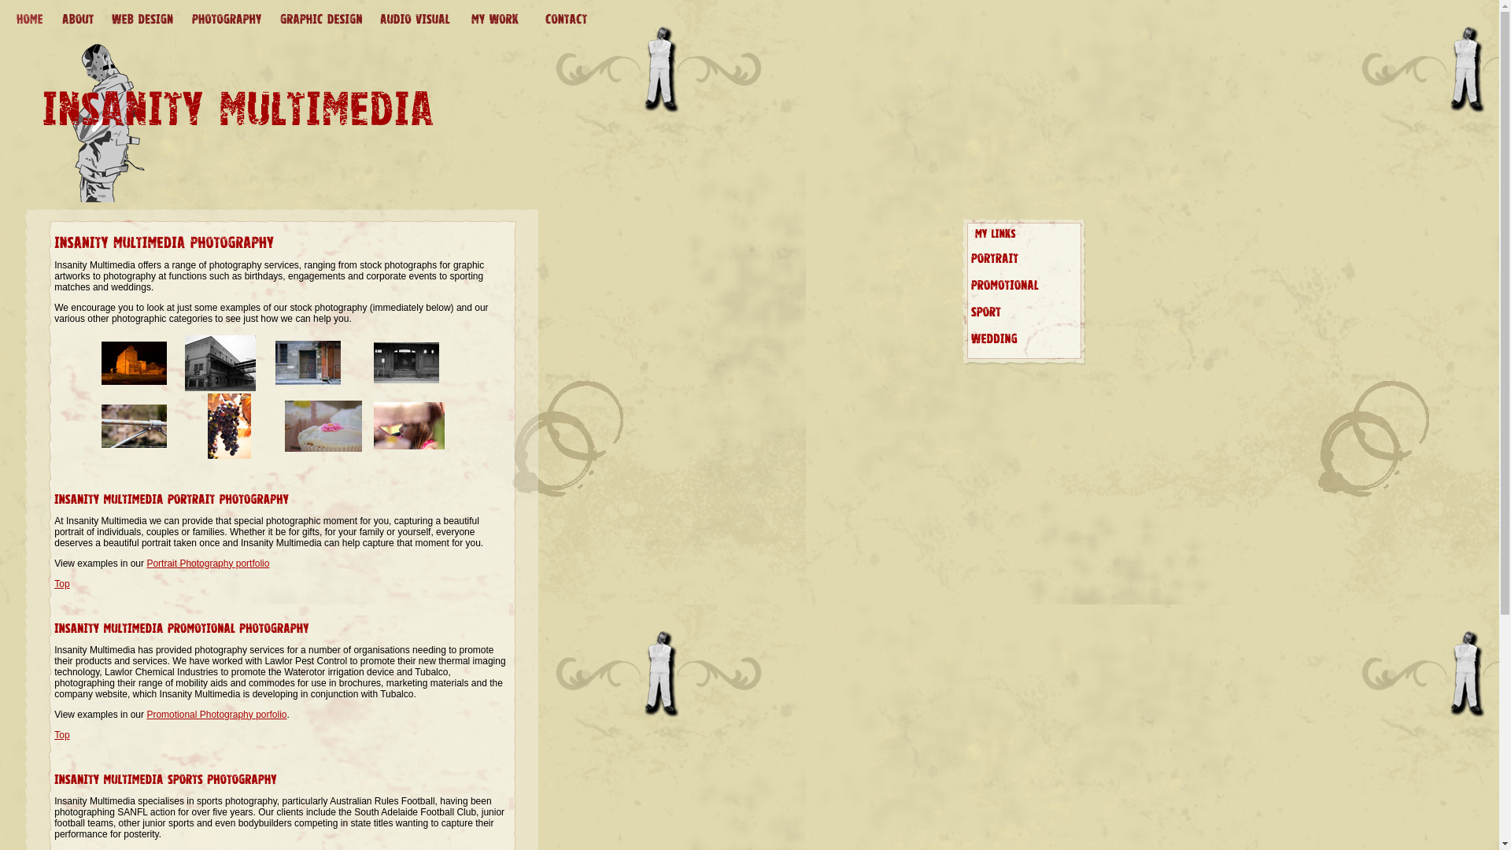  What do you see at coordinates (228, 455) in the screenshot?
I see `'Stock photo taken at Tenafeate Winery'` at bounding box center [228, 455].